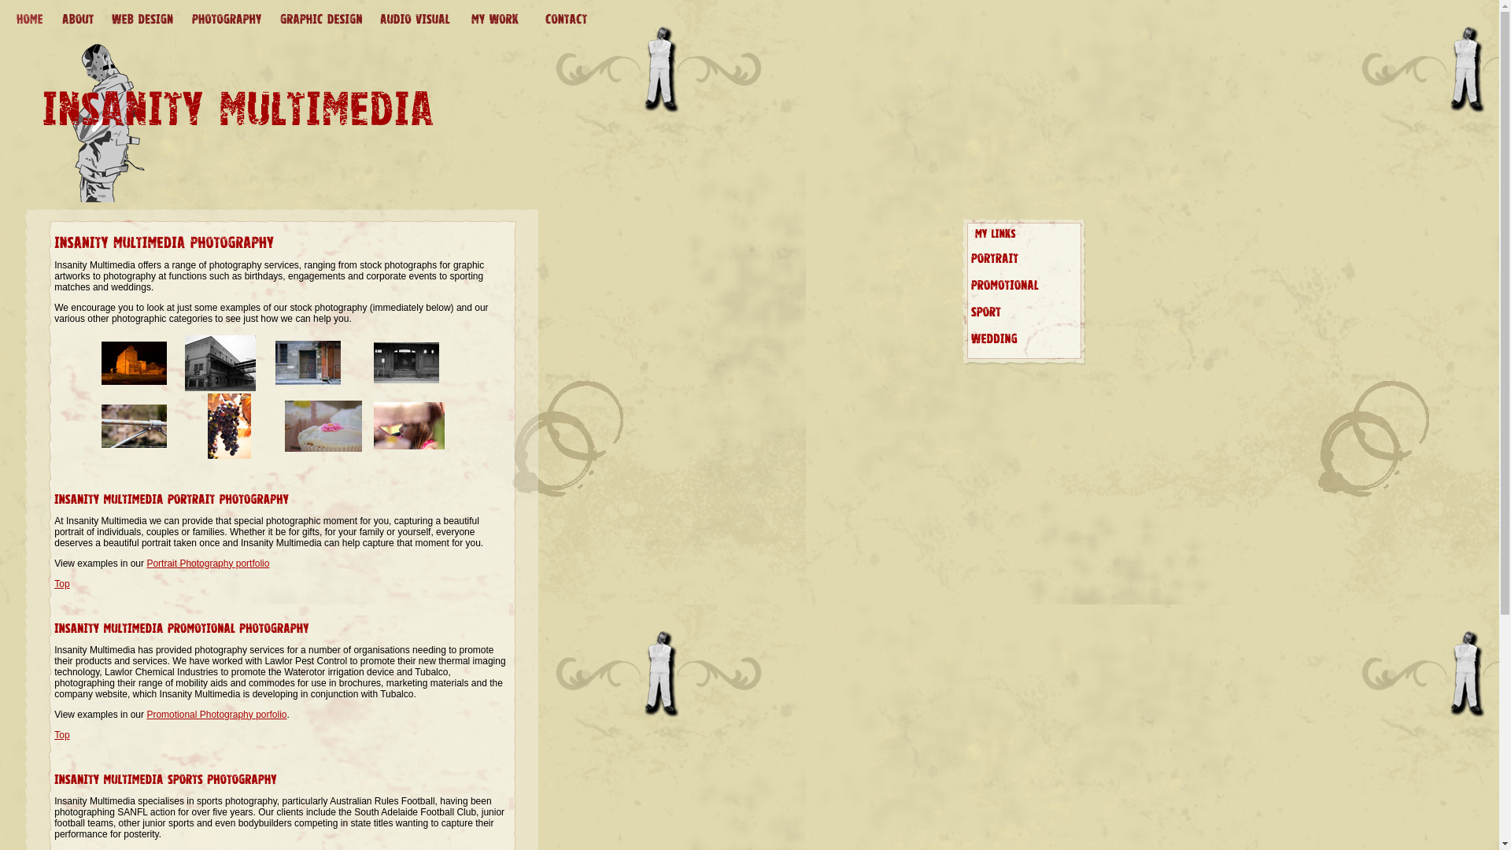  What do you see at coordinates (228, 455) in the screenshot?
I see `'Stock photo taken at Tenafeate Winery'` at bounding box center [228, 455].